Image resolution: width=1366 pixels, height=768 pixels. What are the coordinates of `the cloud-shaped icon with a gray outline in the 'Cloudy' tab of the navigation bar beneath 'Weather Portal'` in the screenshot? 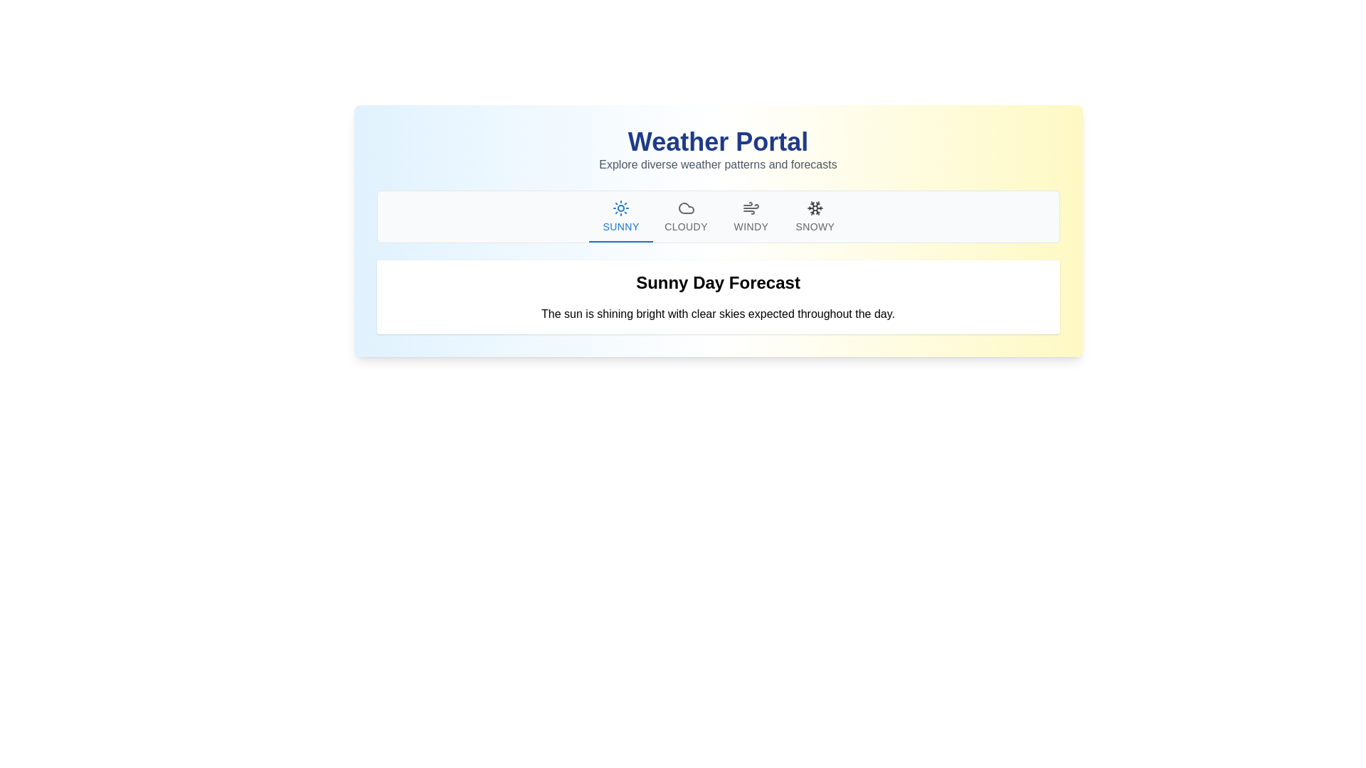 It's located at (686, 208).